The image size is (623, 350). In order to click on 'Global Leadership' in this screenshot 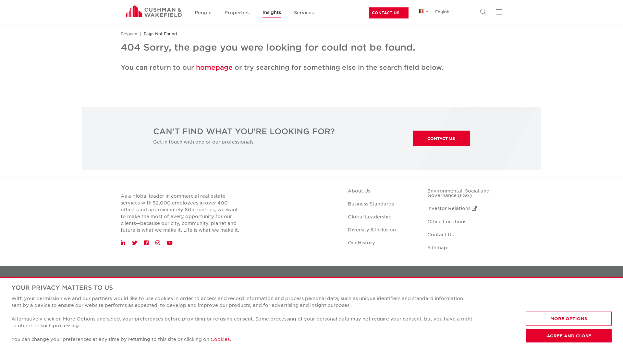, I will do `click(347, 216)`.